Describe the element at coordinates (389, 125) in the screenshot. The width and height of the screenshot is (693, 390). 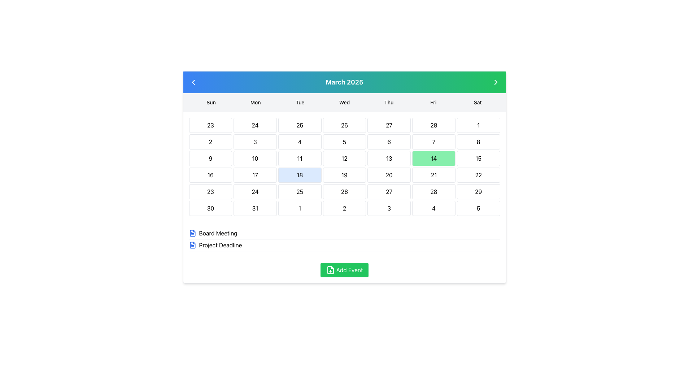
I see `the button representing the day '27' in the monthly calendar view` at that location.